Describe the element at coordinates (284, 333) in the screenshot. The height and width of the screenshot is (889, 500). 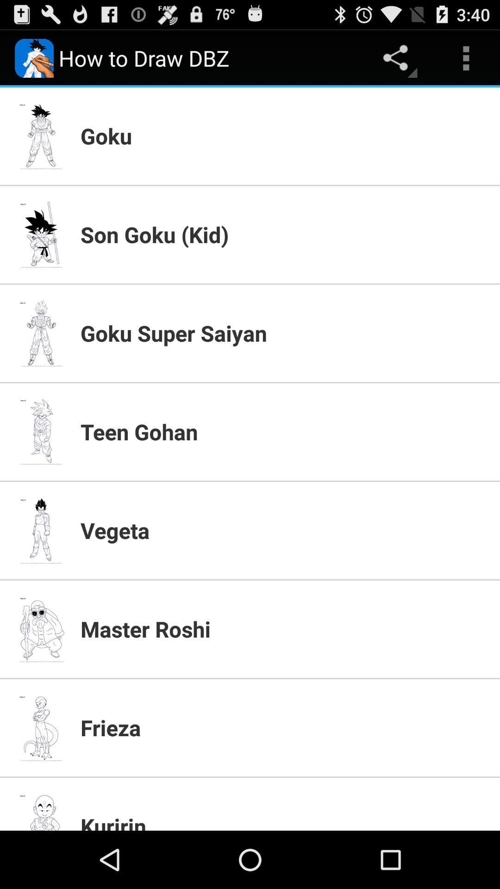
I see `the goku super saiyan` at that location.